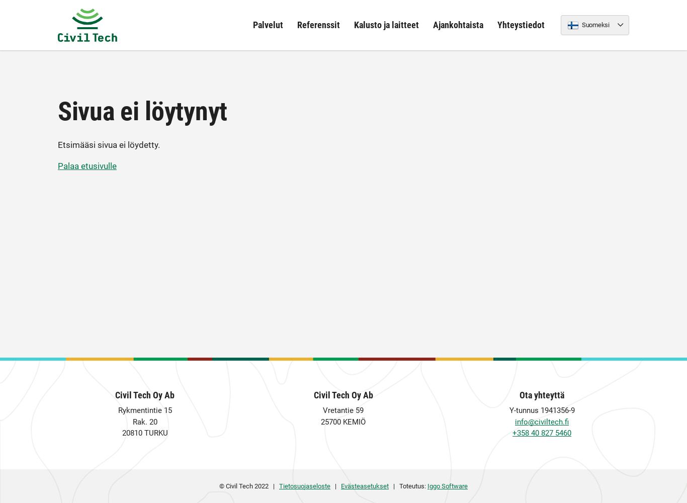 The width and height of the screenshot is (687, 503). What do you see at coordinates (142, 111) in the screenshot?
I see `'Sivua ei löytynyt'` at bounding box center [142, 111].